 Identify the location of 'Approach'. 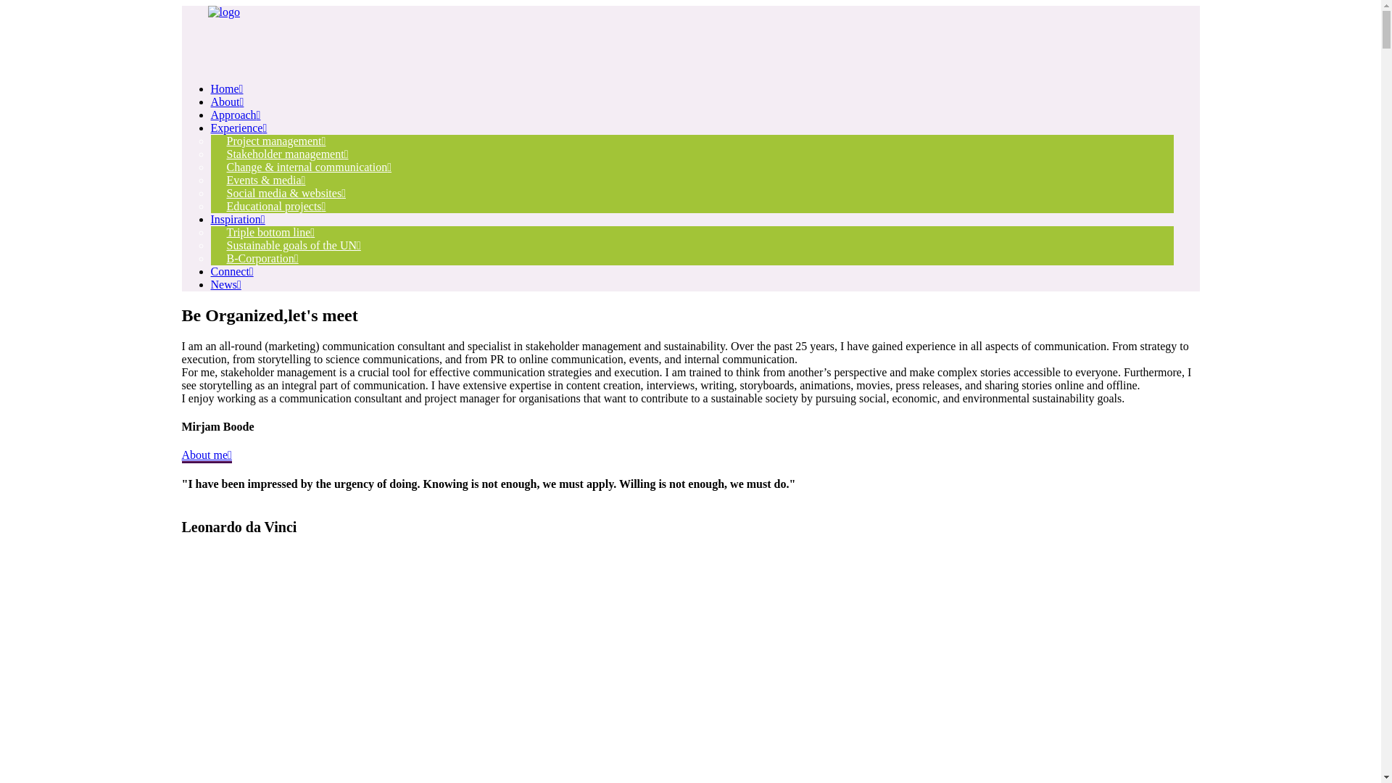
(235, 114).